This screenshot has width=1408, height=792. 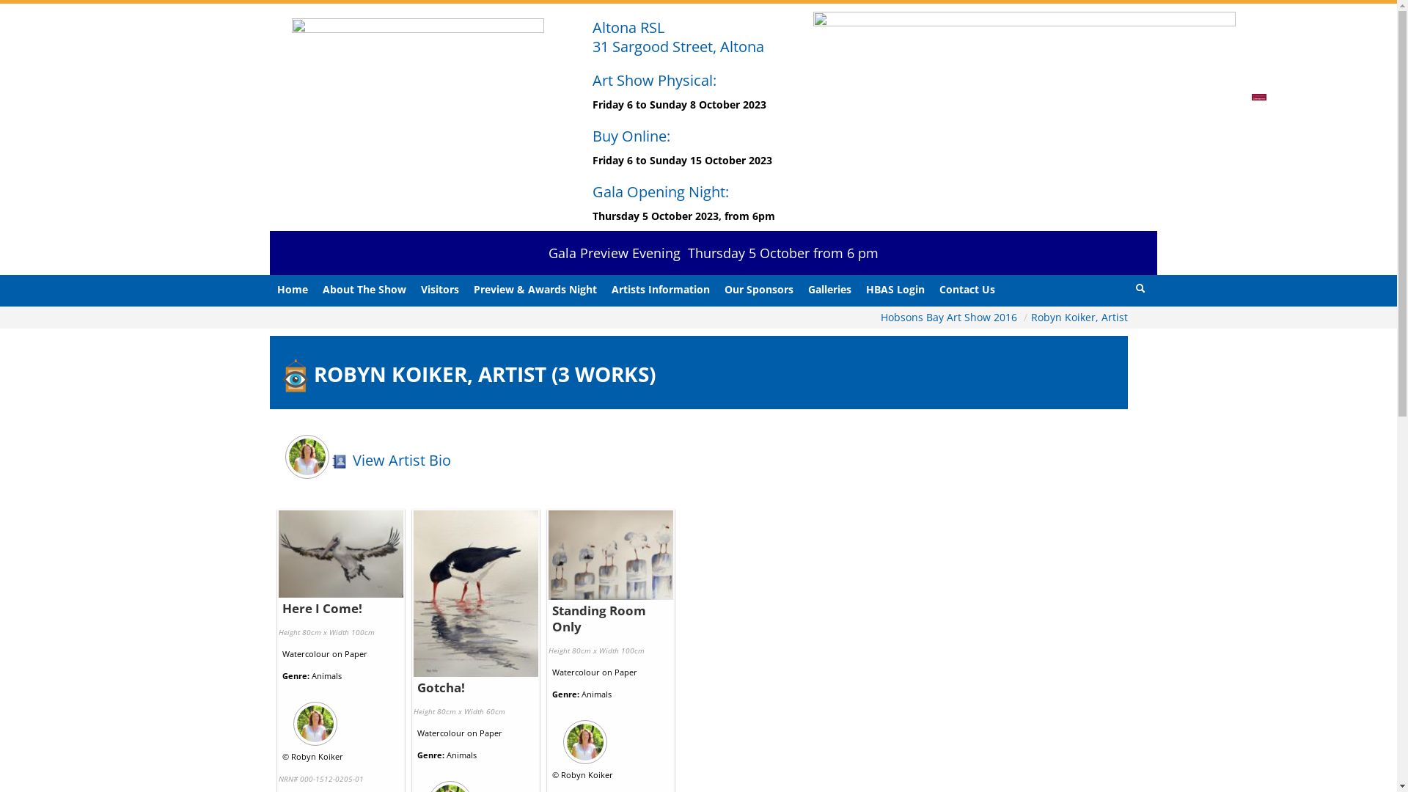 What do you see at coordinates (950, 316) in the screenshot?
I see `'Hobsons Bay Art Show 2016'` at bounding box center [950, 316].